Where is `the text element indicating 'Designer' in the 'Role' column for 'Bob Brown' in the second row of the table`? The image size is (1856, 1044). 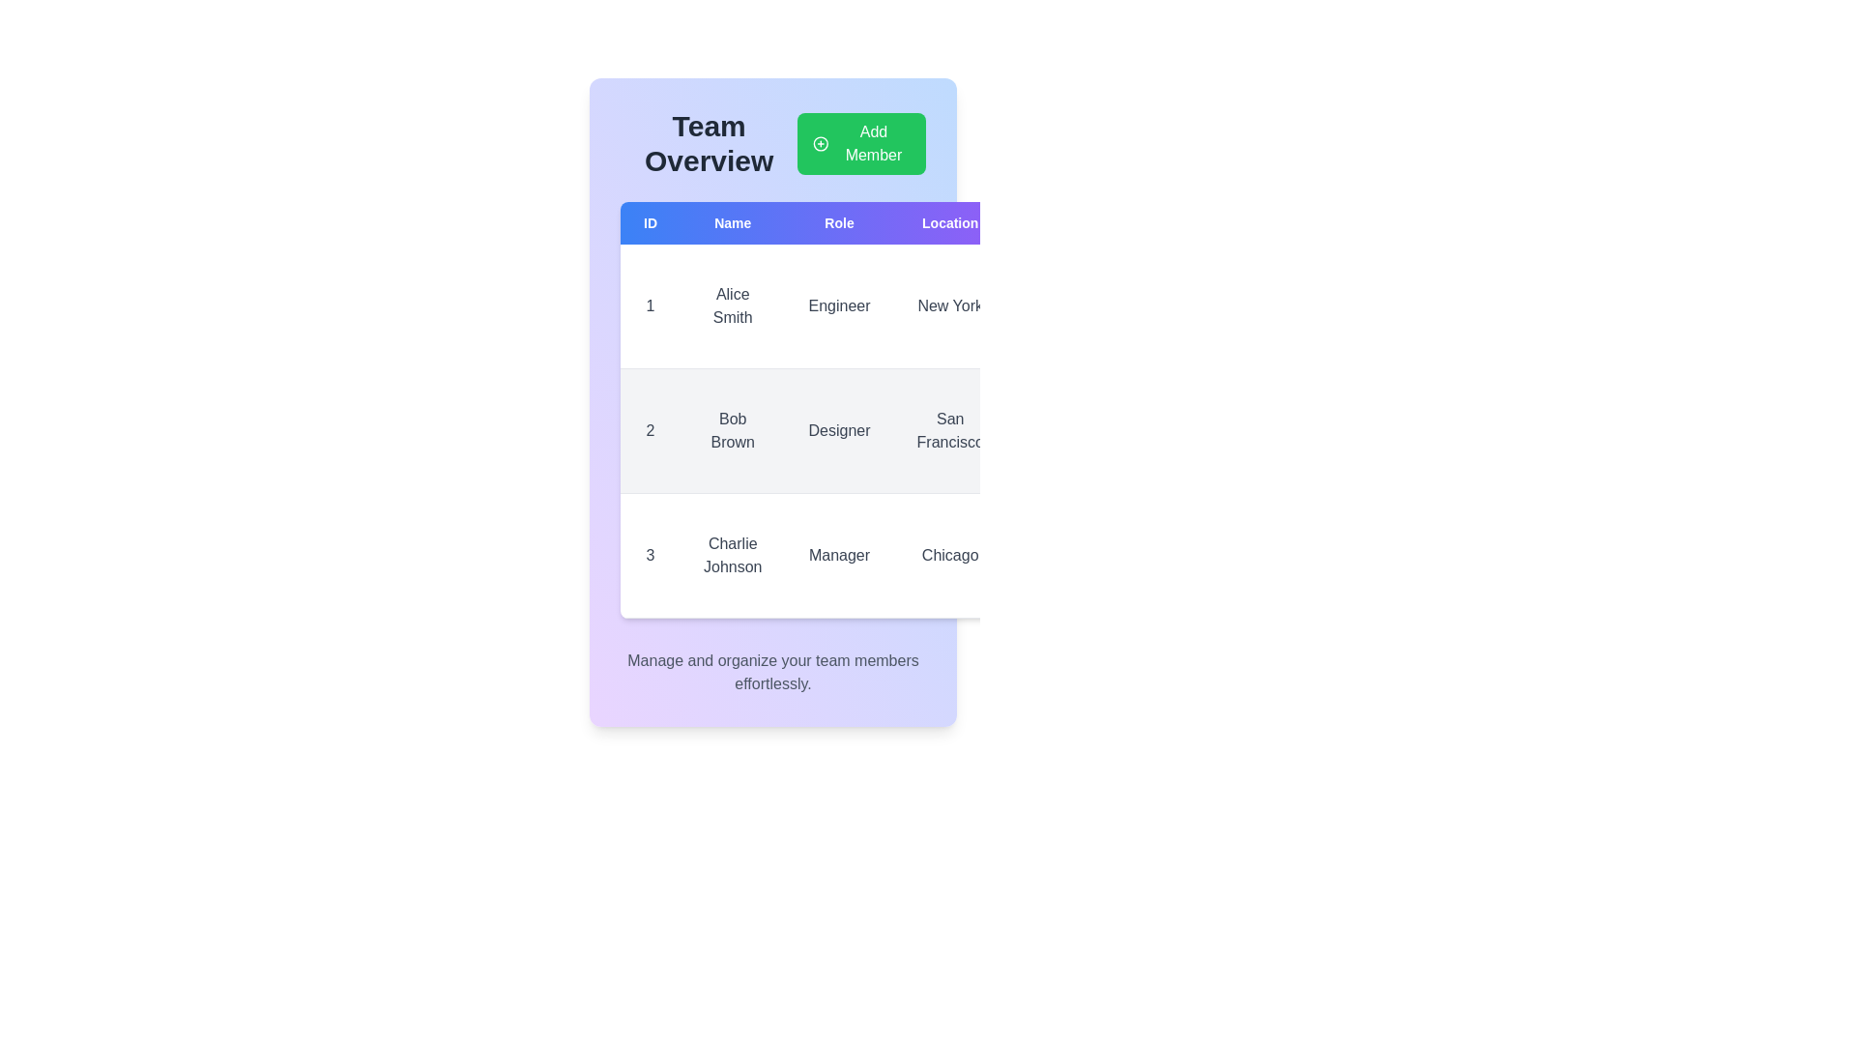
the text element indicating 'Designer' in the 'Role' column for 'Bob Brown' in the second row of the table is located at coordinates (839, 430).